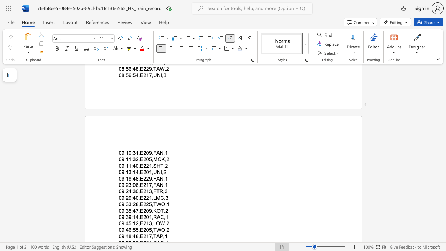 This screenshot has height=251, width=446. Describe the element at coordinates (125, 217) in the screenshot. I see `the subset text "39:14,E201,RAC,1" within the text "09:39:14,E201,RAC,1"` at that location.